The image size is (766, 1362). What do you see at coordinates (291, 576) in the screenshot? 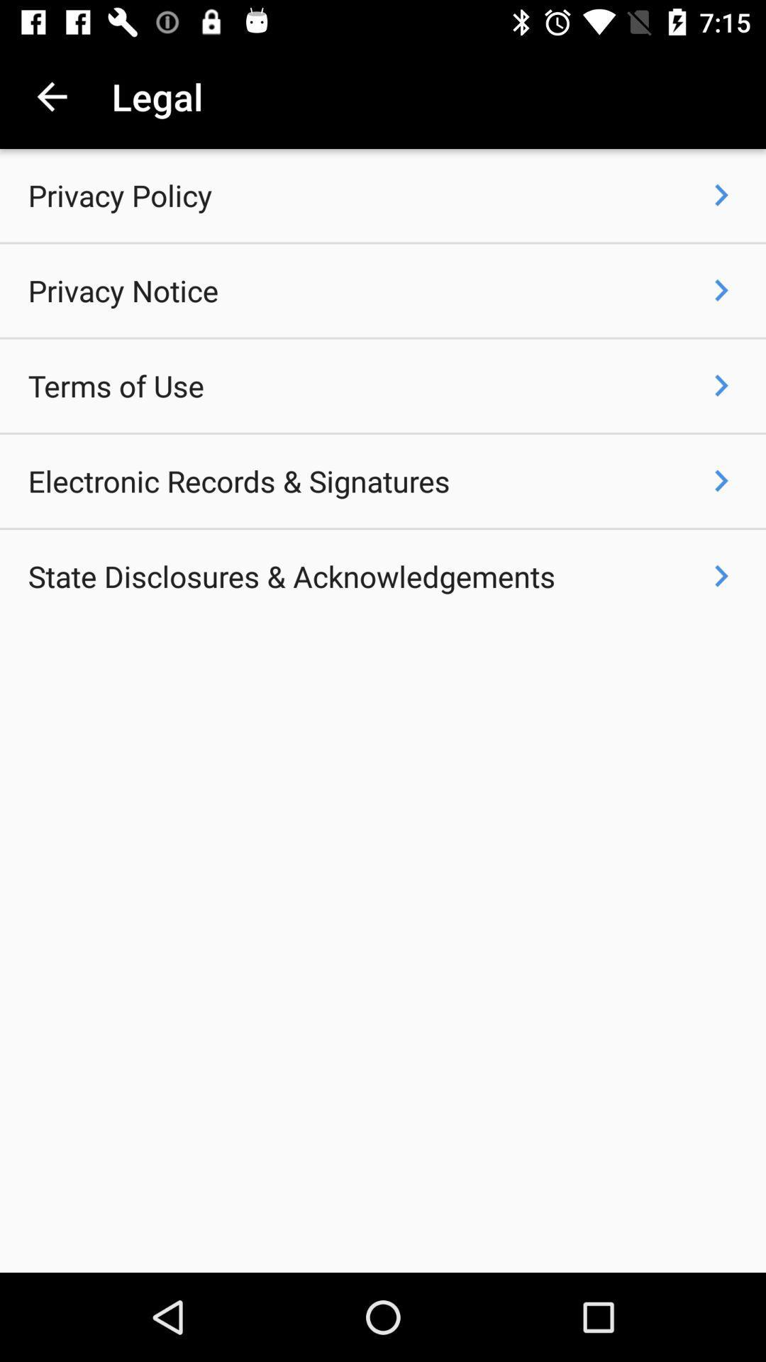
I see `item below electronic records & signatures item` at bounding box center [291, 576].